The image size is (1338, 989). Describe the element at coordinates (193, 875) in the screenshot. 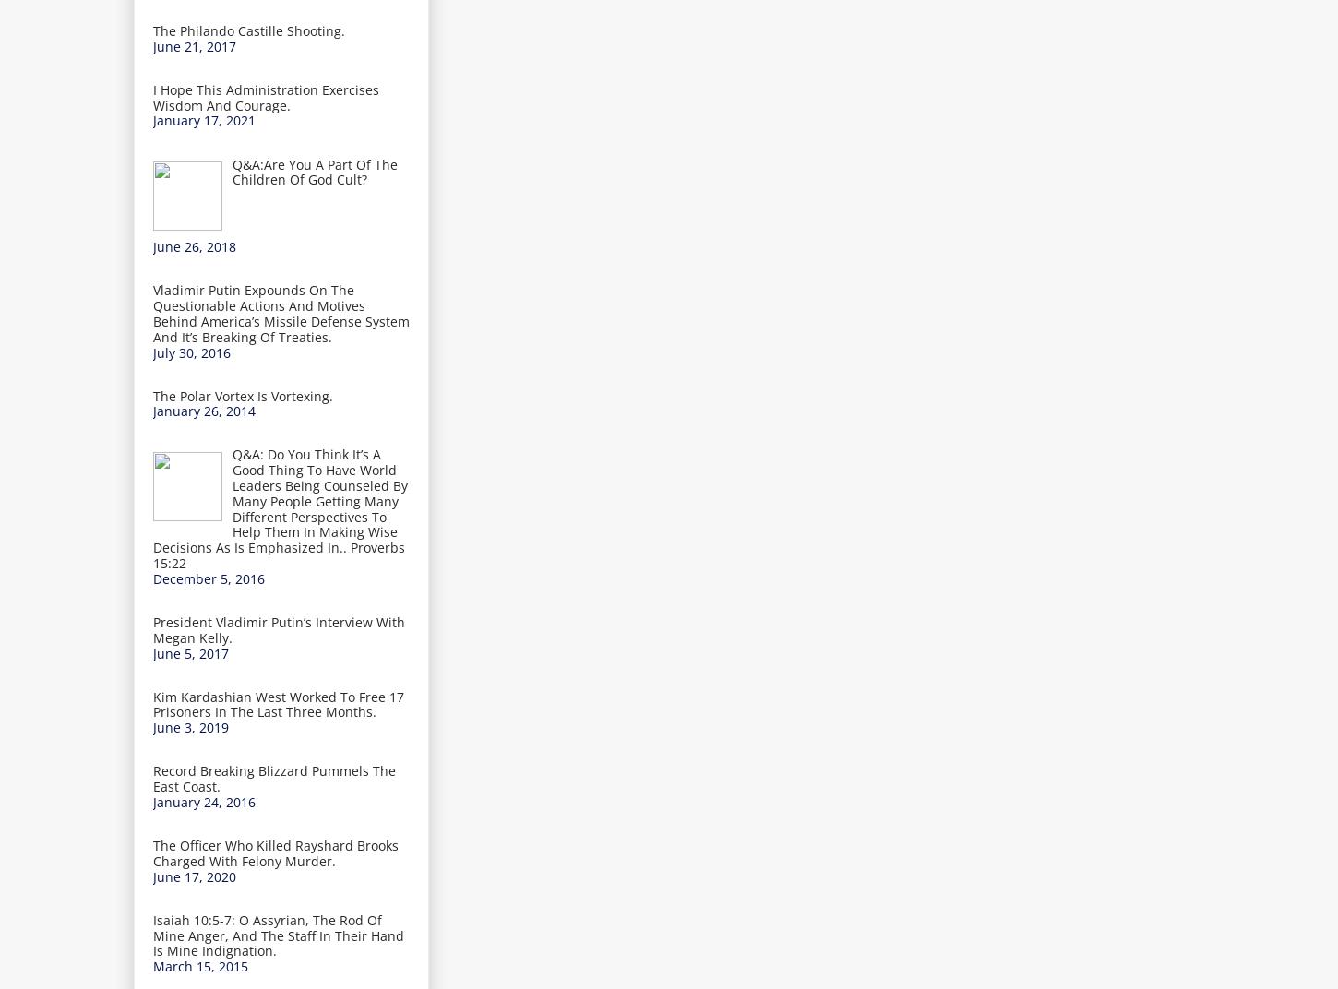

I see `'June 17, 2020'` at that location.